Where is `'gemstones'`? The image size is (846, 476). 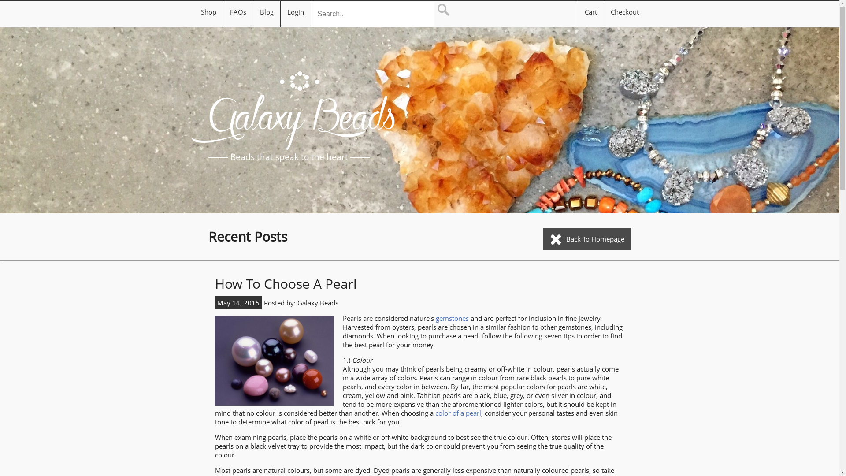
'gemstones' is located at coordinates (453, 318).